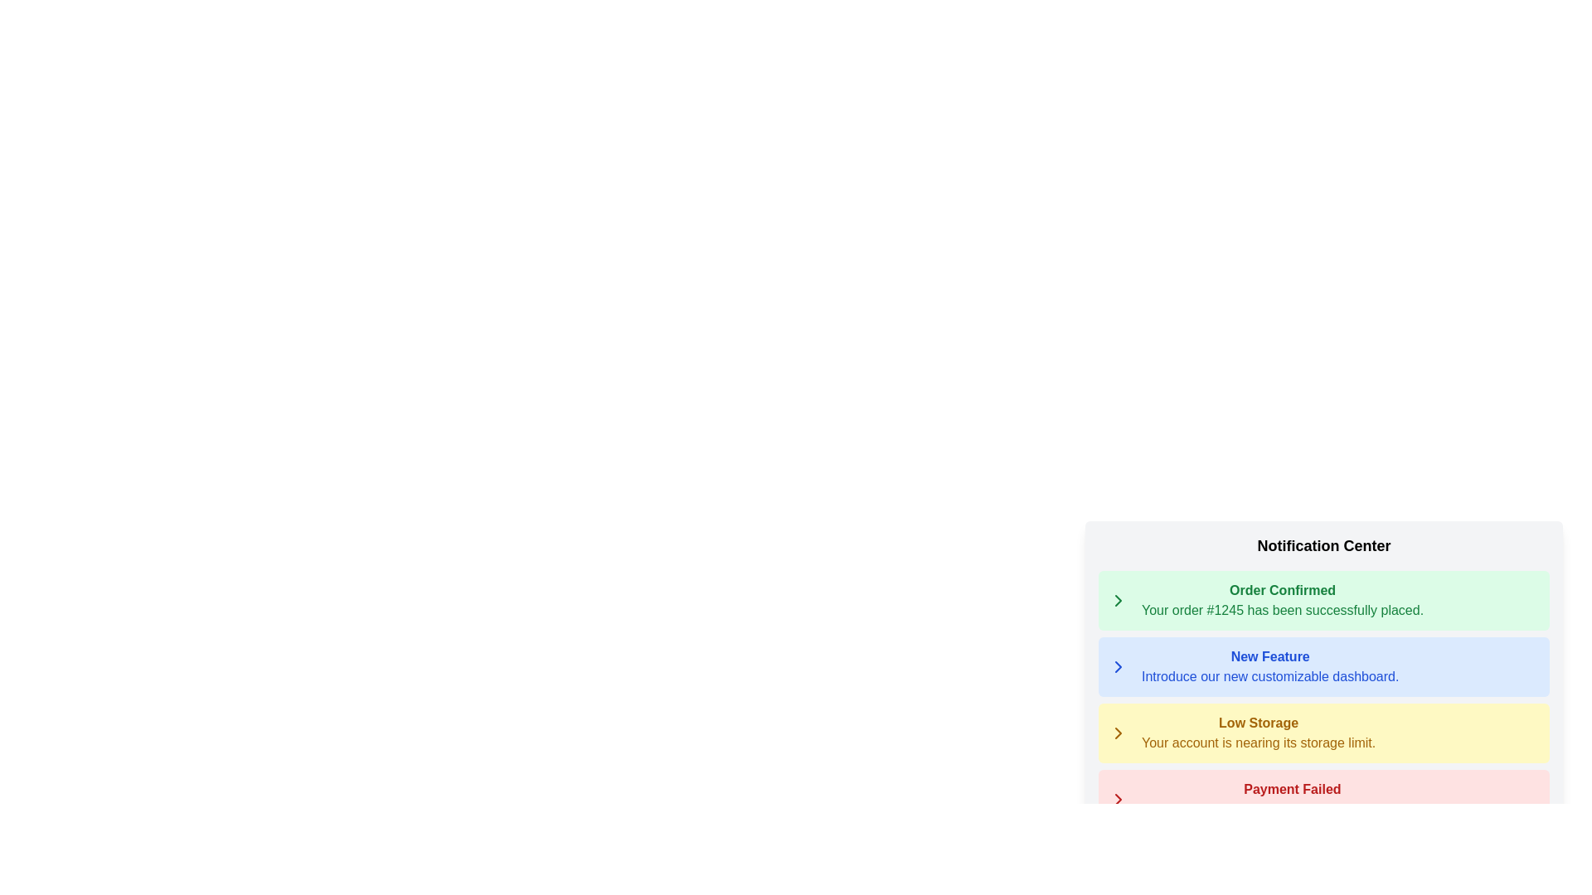 This screenshot has height=895, width=1592. What do you see at coordinates (1323, 635) in the screenshot?
I see `the second notification panel in the Notification Center` at bounding box center [1323, 635].